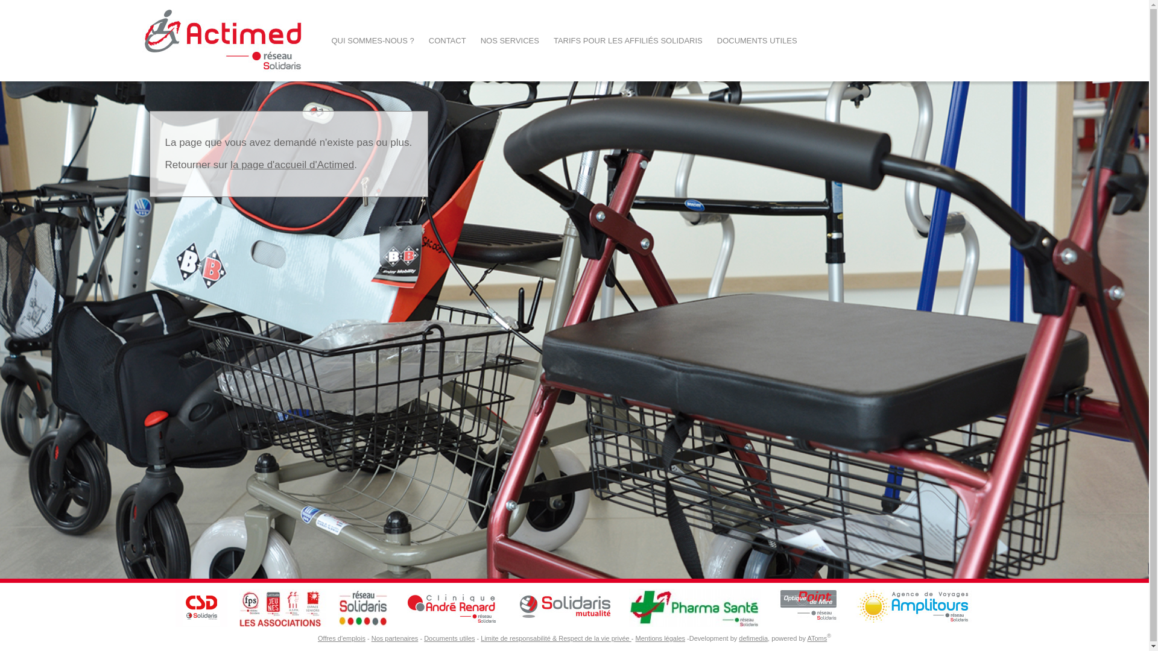 The image size is (1158, 651). What do you see at coordinates (807, 638) in the screenshot?
I see `'AToms'` at bounding box center [807, 638].